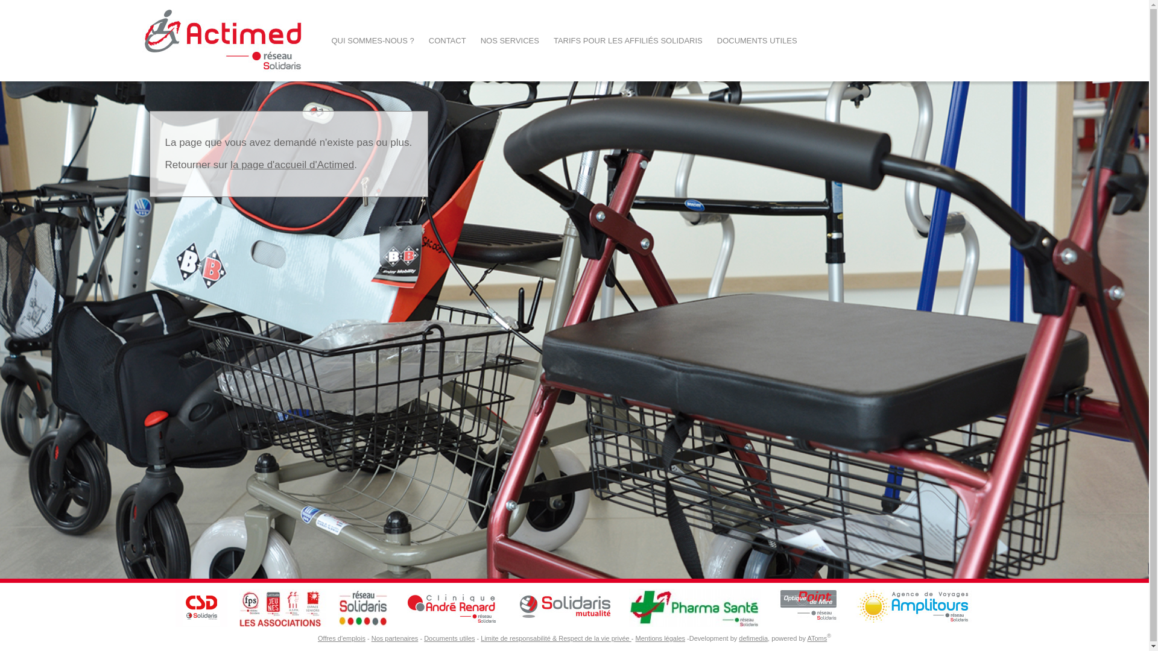 The image size is (1158, 651). What do you see at coordinates (807, 638) in the screenshot?
I see `'AToms'` at bounding box center [807, 638].